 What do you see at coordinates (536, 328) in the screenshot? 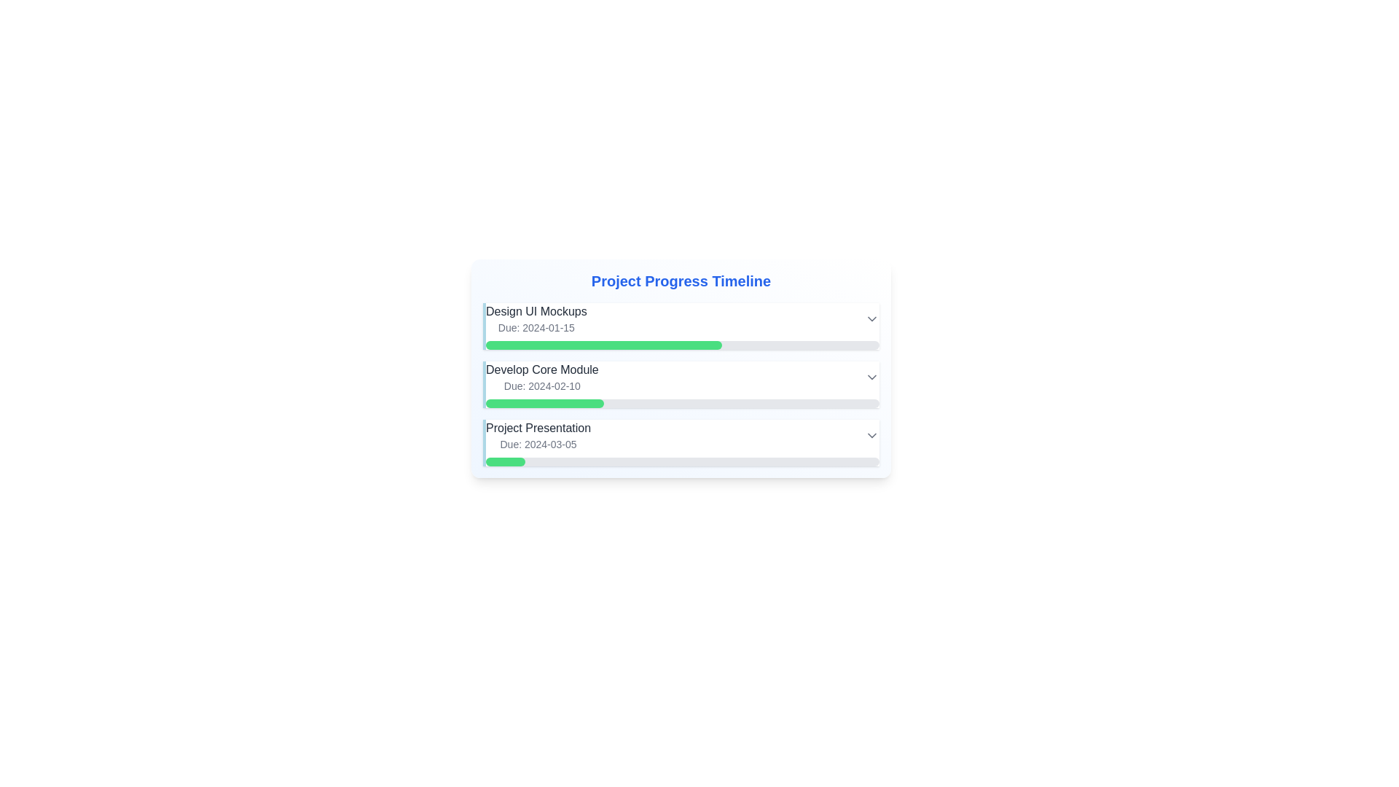
I see `the Text Display that shows the due date for the task 'Design UI Mockups', located directly below the title within the 'Project Progress Timeline'` at bounding box center [536, 328].